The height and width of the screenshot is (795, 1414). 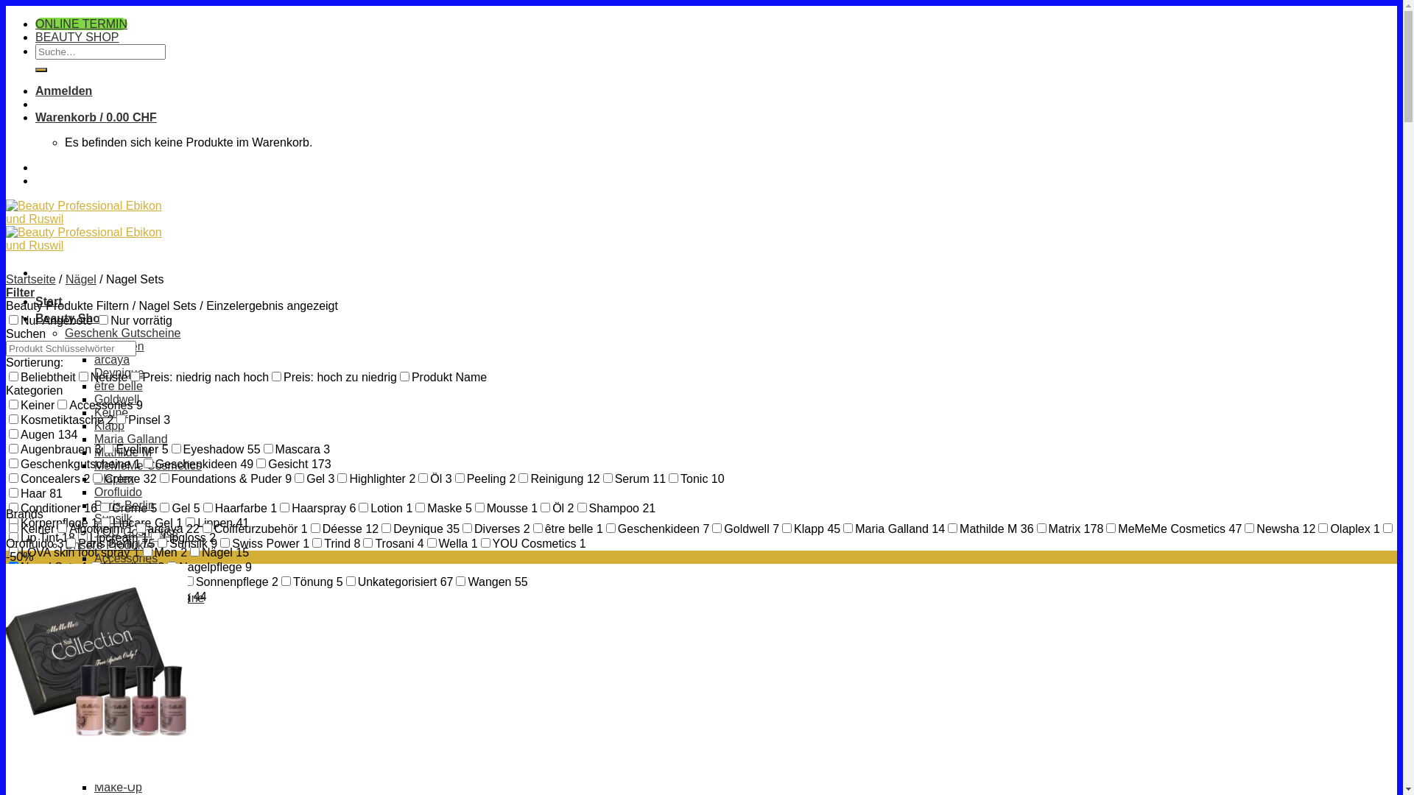 I want to click on 'Warenkorb / 0.00 CHF', so click(x=35, y=116).